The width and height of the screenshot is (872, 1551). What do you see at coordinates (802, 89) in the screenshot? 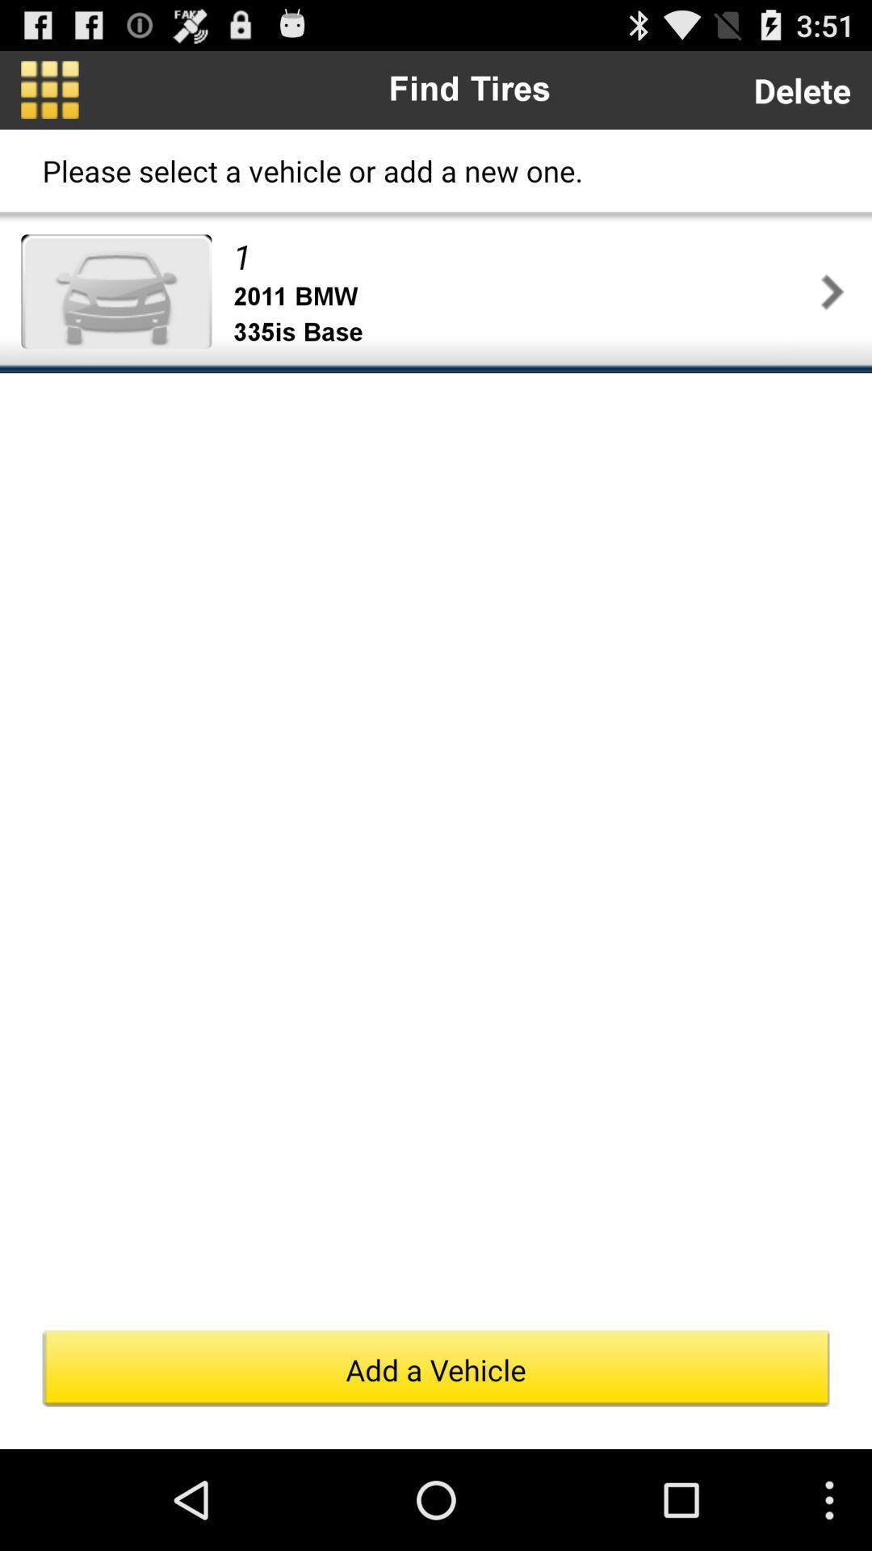
I see `the delete` at bounding box center [802, 89].